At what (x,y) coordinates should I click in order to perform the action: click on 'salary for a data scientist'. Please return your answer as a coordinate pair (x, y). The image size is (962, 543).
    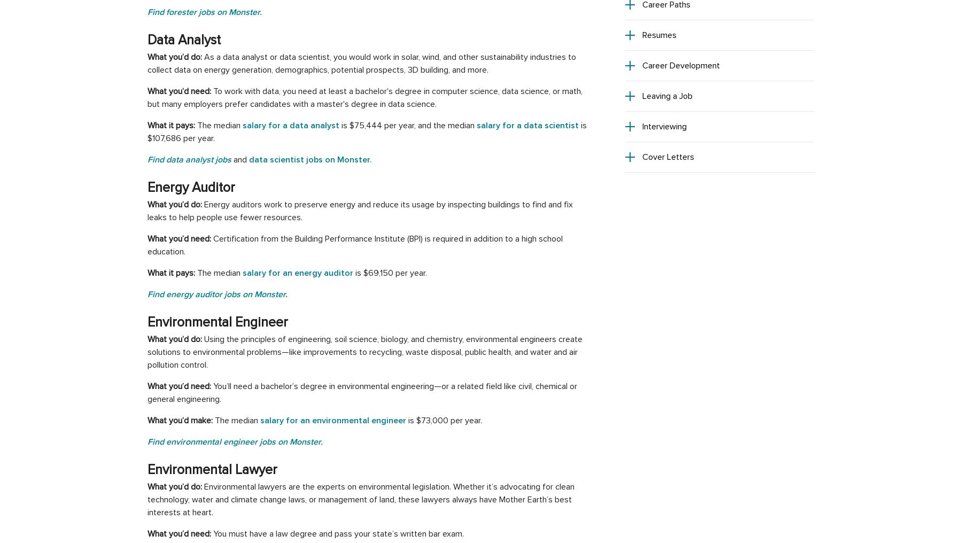
    Looking at the image, I should click on (477, 126).